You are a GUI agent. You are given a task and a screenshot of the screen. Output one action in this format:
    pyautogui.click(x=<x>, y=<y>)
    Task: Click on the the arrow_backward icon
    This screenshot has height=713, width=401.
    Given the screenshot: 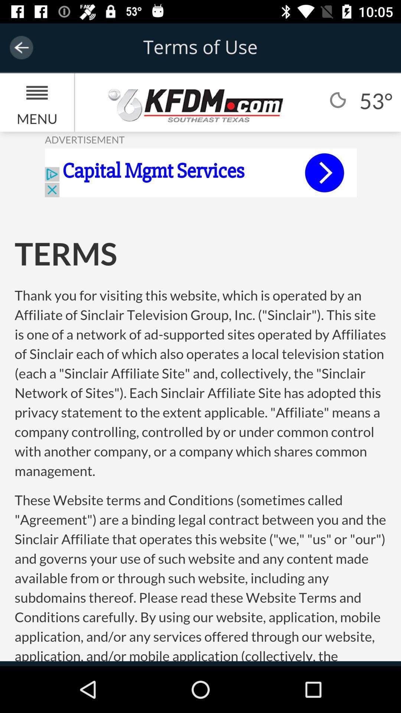 What is the action you would take?
    pyautogui.click(x=21, y=47)
    